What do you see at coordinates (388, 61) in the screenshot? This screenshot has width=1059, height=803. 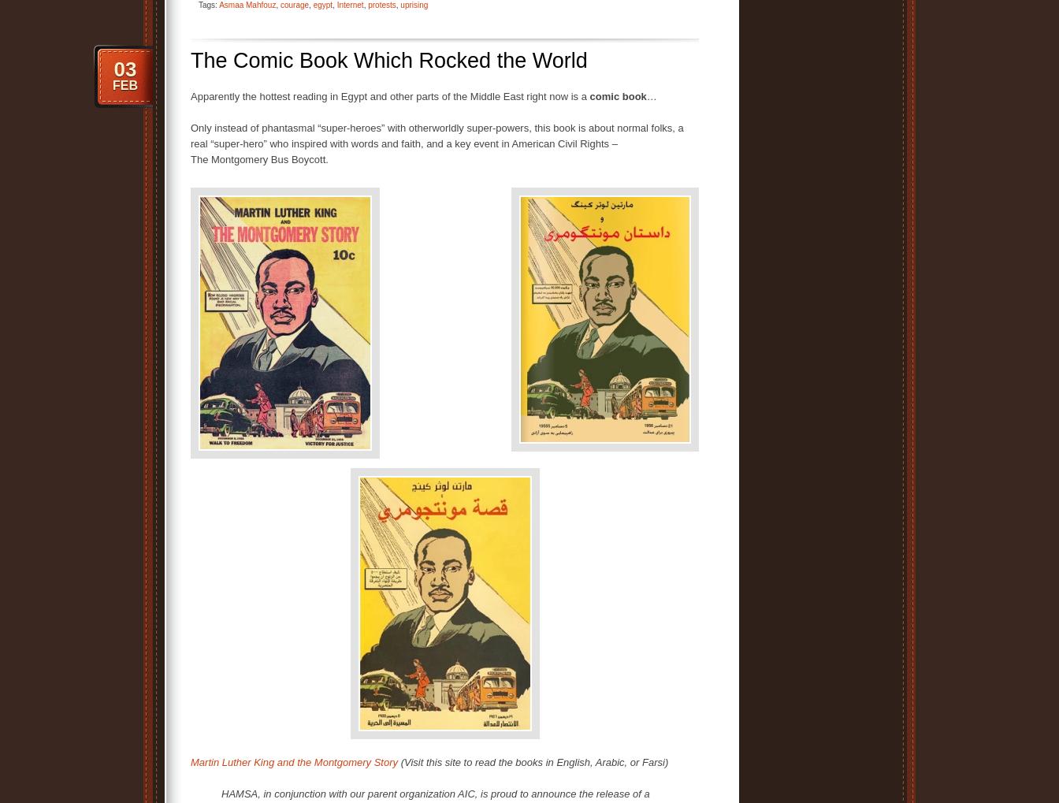 I see `'The Comic Book Which Rocked the World'` at bounding box center [388, 61].